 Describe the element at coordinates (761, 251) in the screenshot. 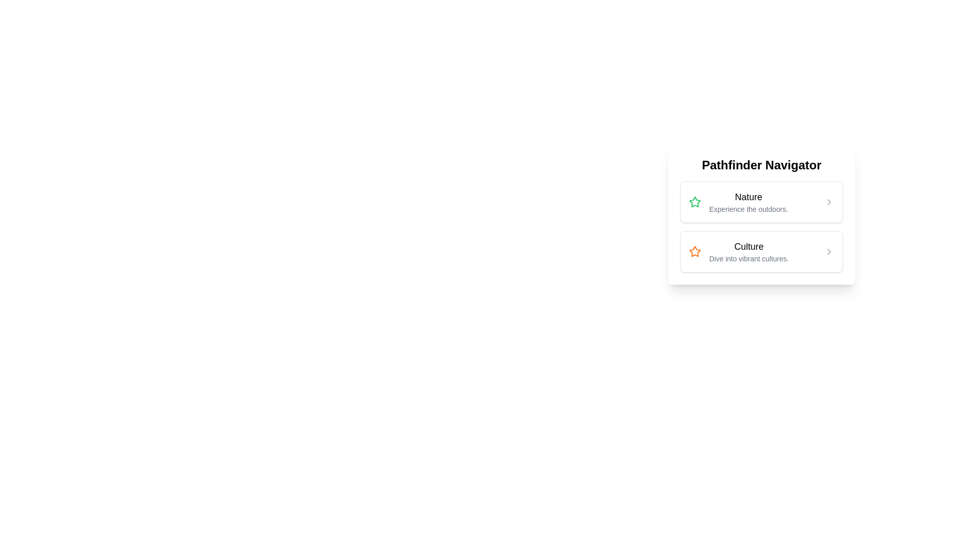

I see `the second card item in the list, which features a star icon, an orange highlight, the title 'Culture', and a right arrow icon` at that location.